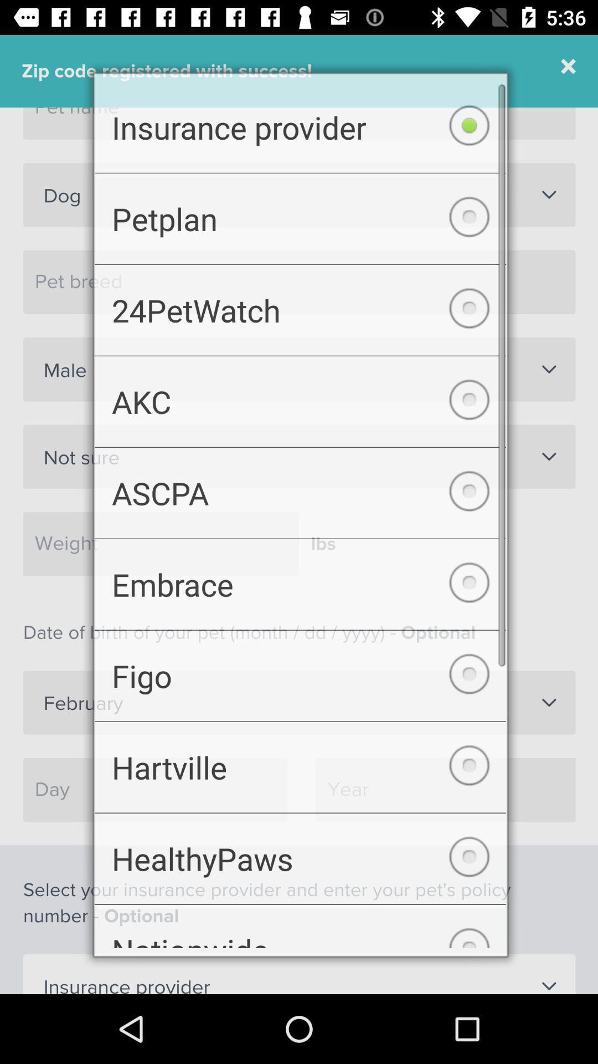 This screenshot has width=598, height=1064. I want to click on hartville item, so click(300, 774).